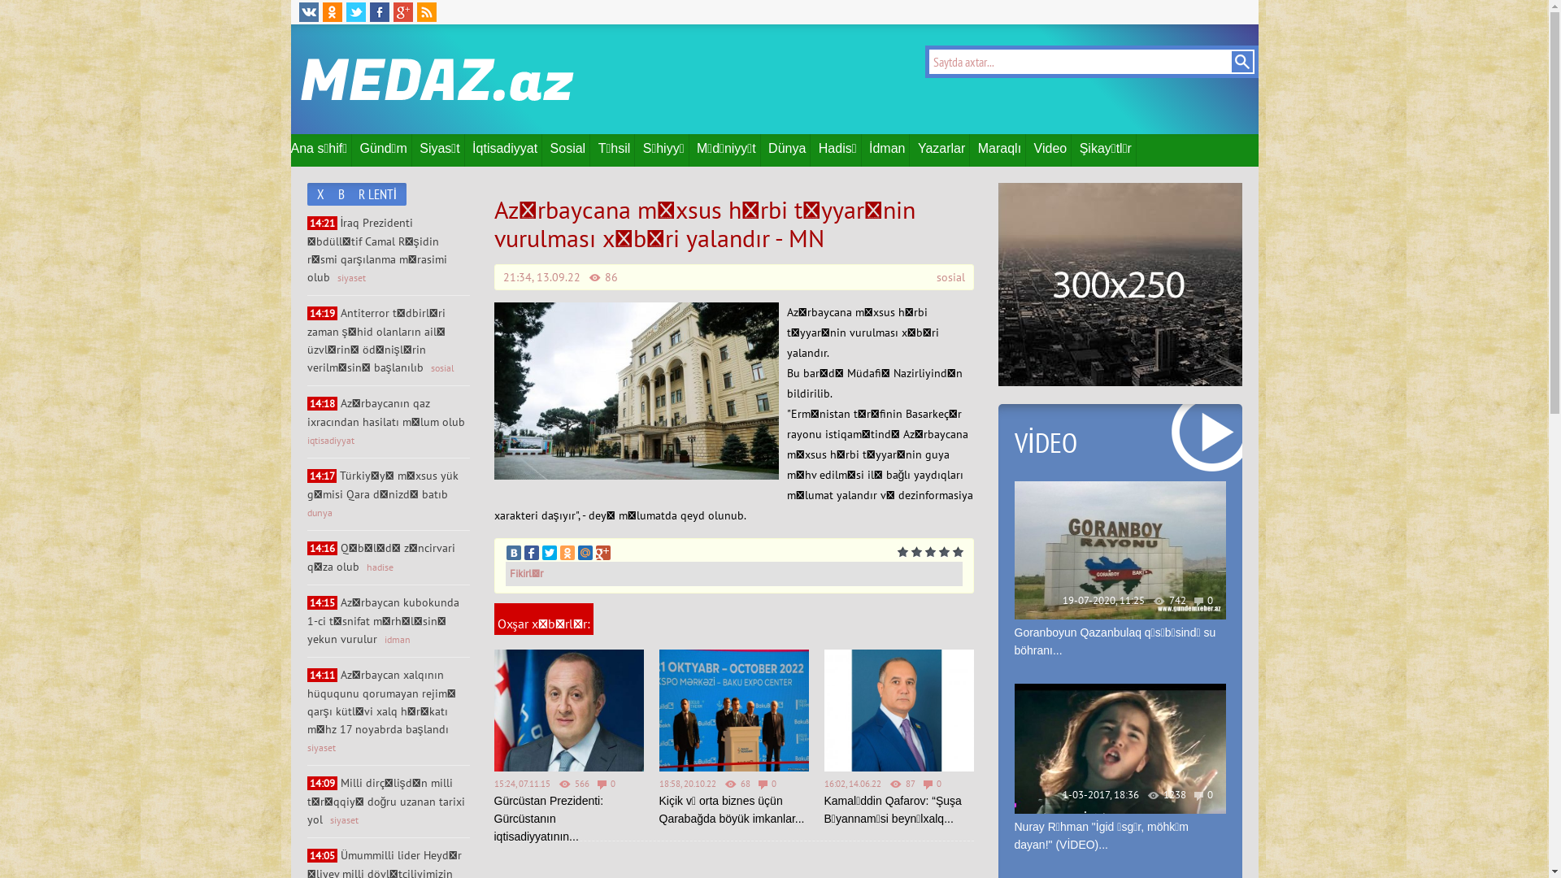 The height and width of the screenshot is (878, 1561). I want to click on 'VK', so click(299, 12).